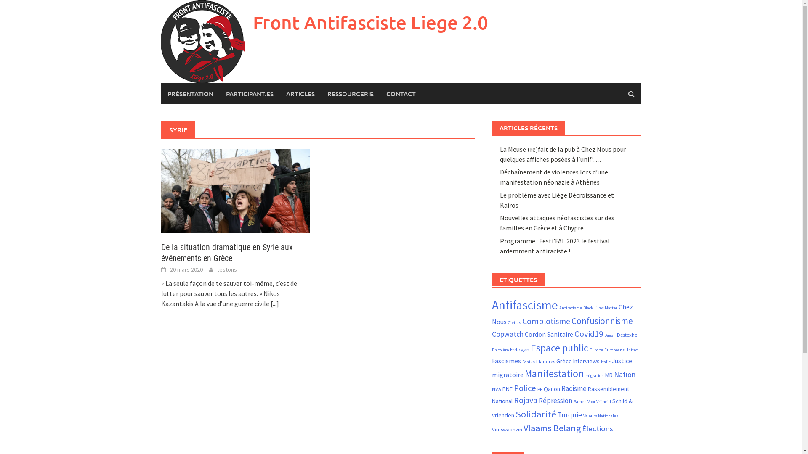  Describe the element at coordinates (569, 414) in the screenshot. I see `'Turquie'` at that location.